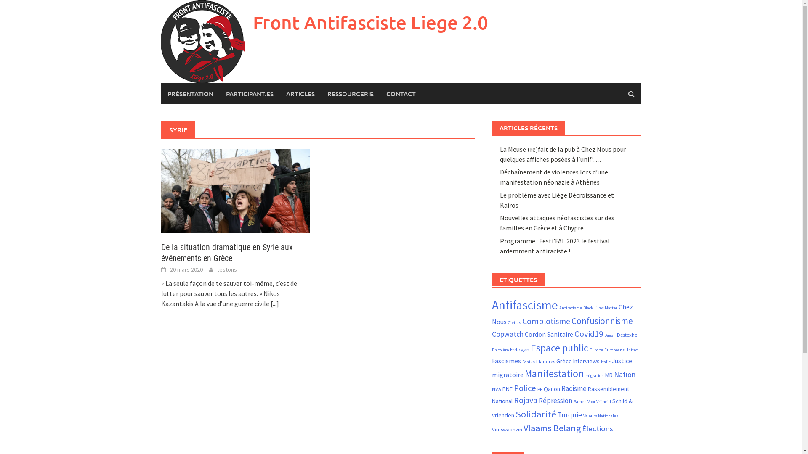  Describe the element at coordinates (569, 414) in the screenshot. I see `'Turquie'` at that location.